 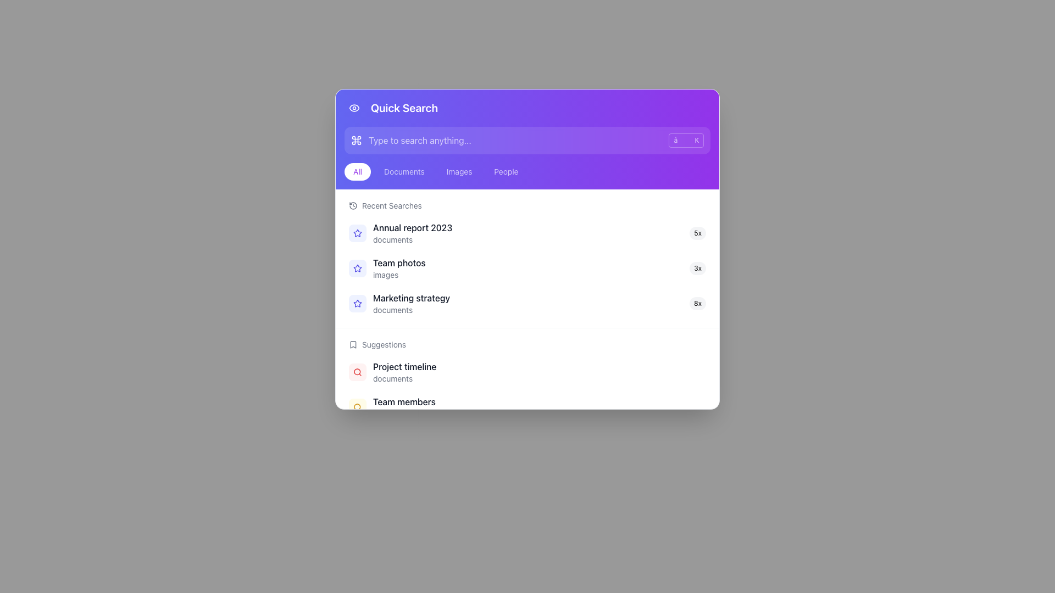 I want to click on the pill-shaped button with a white background and purple text displaying 'All', so click(x=358, y=171).